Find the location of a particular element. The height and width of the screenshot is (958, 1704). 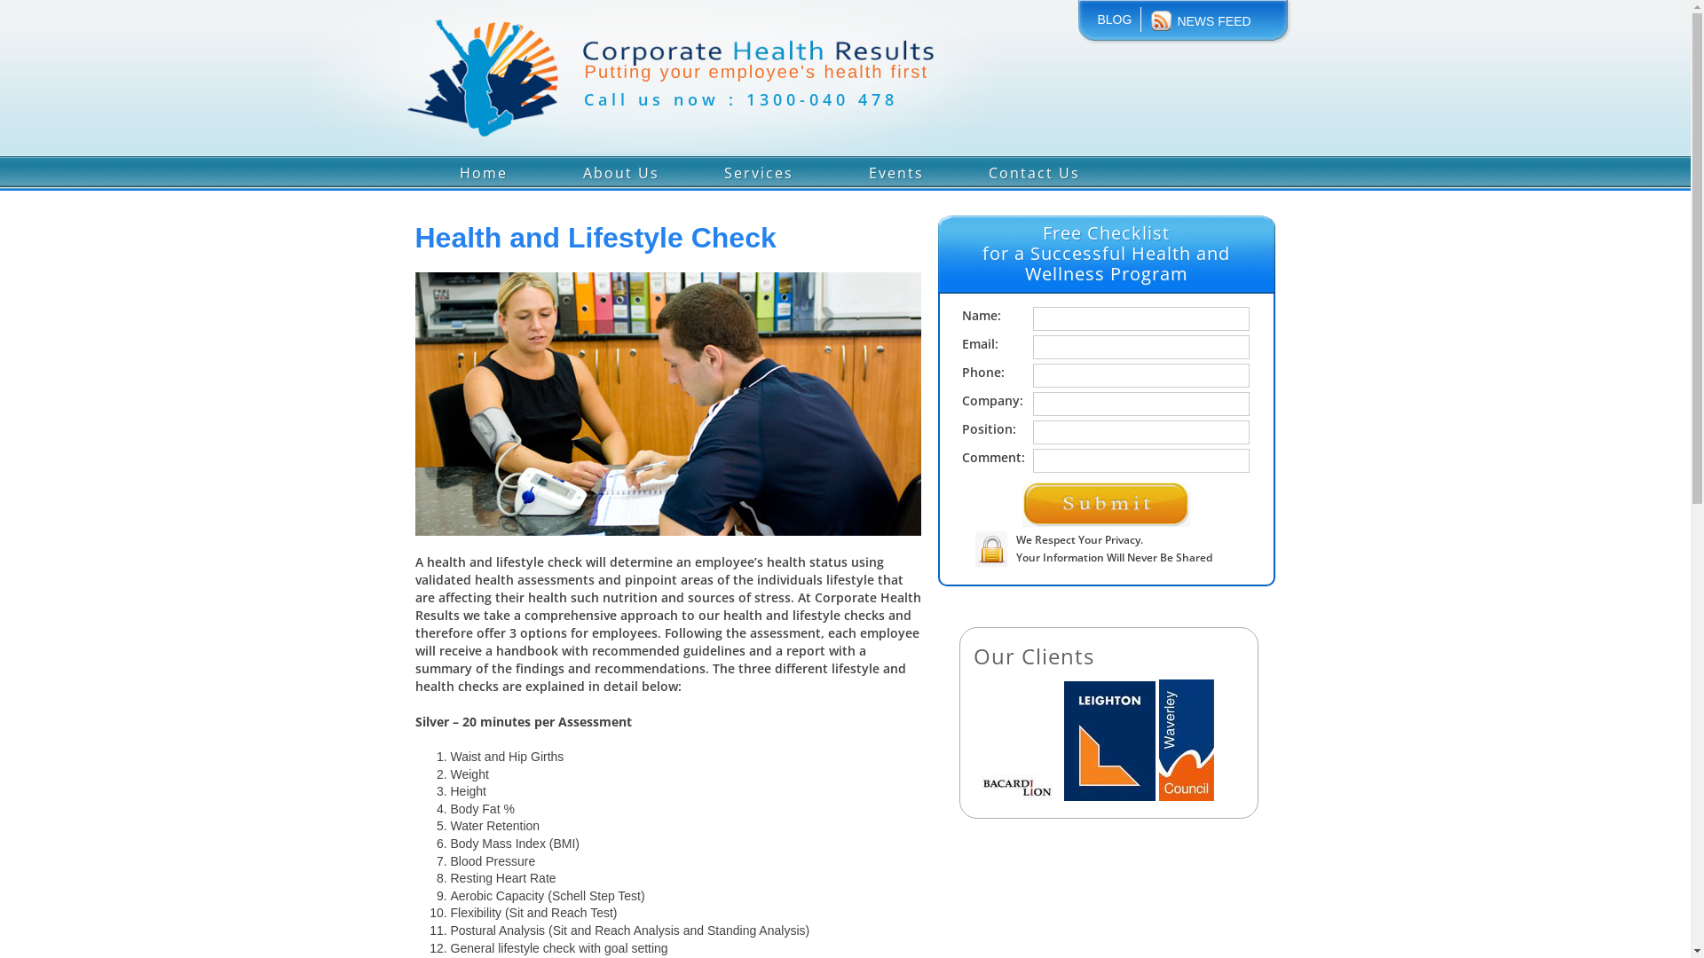

'Contact Us' is located at coordinates (1034, 170).